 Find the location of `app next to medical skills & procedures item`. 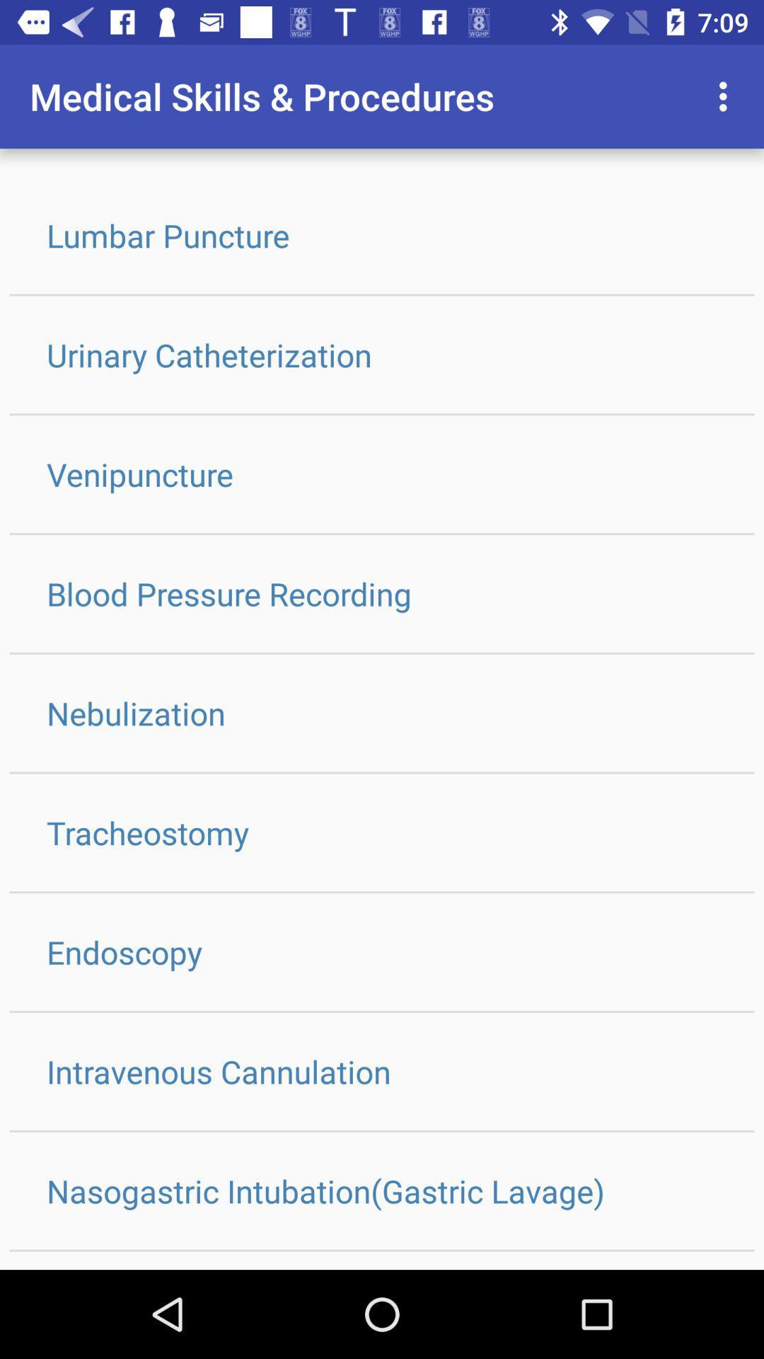

app next to medical skills & procedures item is located at coordinates (727, 96).